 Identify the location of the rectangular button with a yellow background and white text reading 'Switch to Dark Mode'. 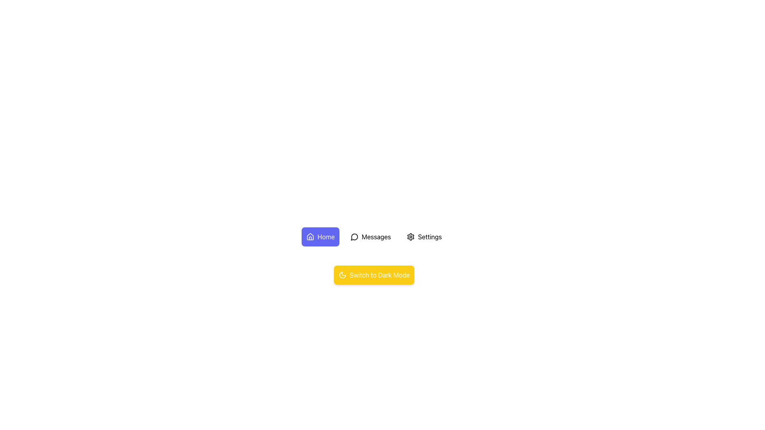
(374, 274).